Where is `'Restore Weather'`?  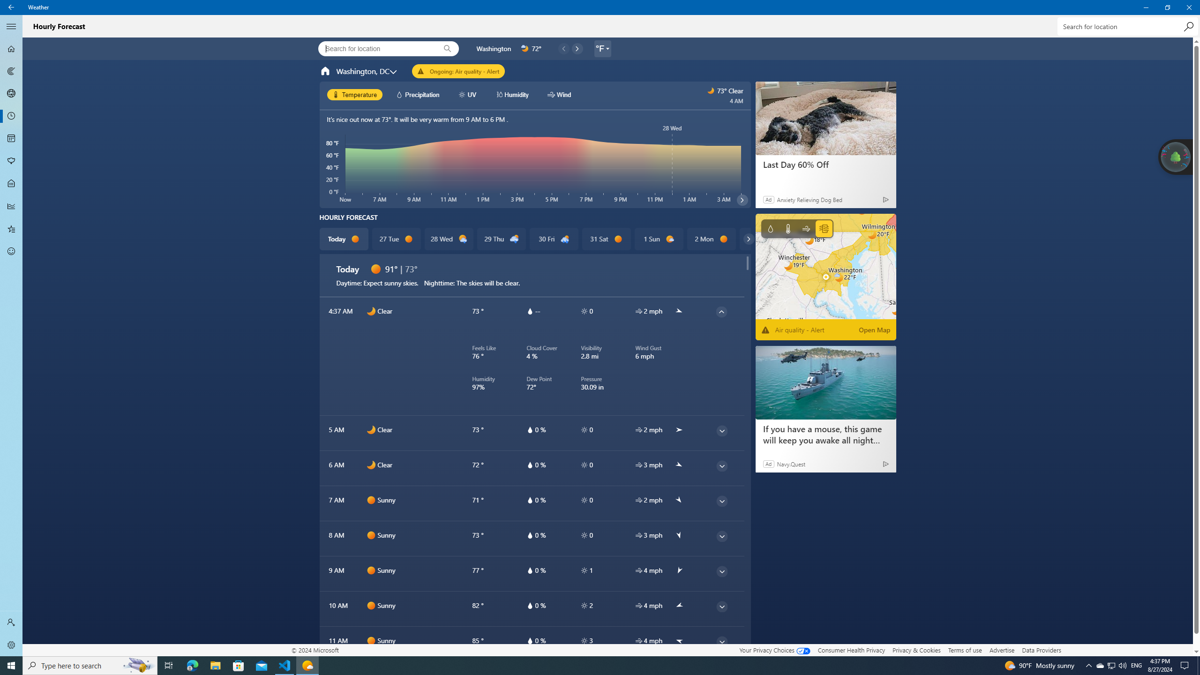 'Restore Weather' is located at coordinates (1167, 7).